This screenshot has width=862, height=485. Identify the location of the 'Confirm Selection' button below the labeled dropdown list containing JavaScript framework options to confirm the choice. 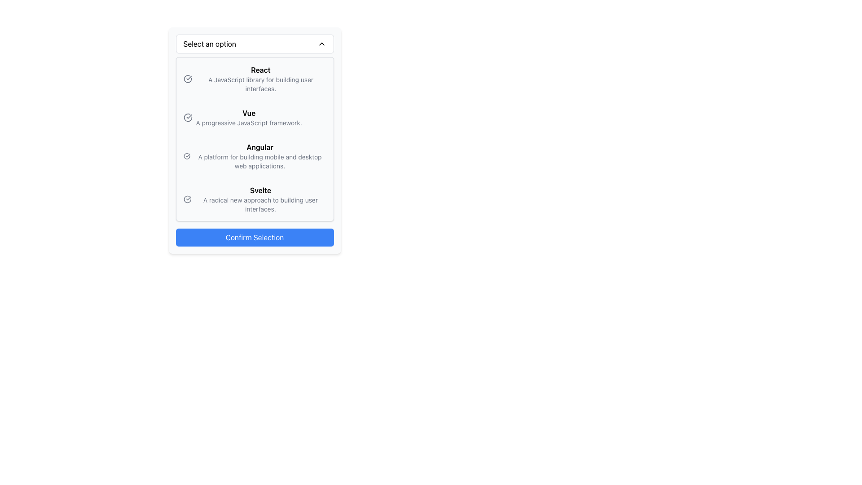
(254, 140).